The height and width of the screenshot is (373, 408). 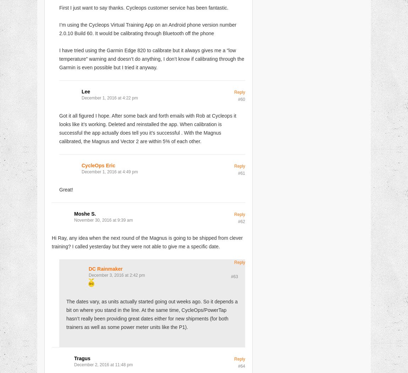 What do you see at coordinates (148, 28) in the screenshot?
I see `'I’m using the Cycleops Virtual Training App on an Android phone version number 2.0.10 Build 60. It would be calibrating through Bluetooth off the phone'` at bounding box center [148, 28].